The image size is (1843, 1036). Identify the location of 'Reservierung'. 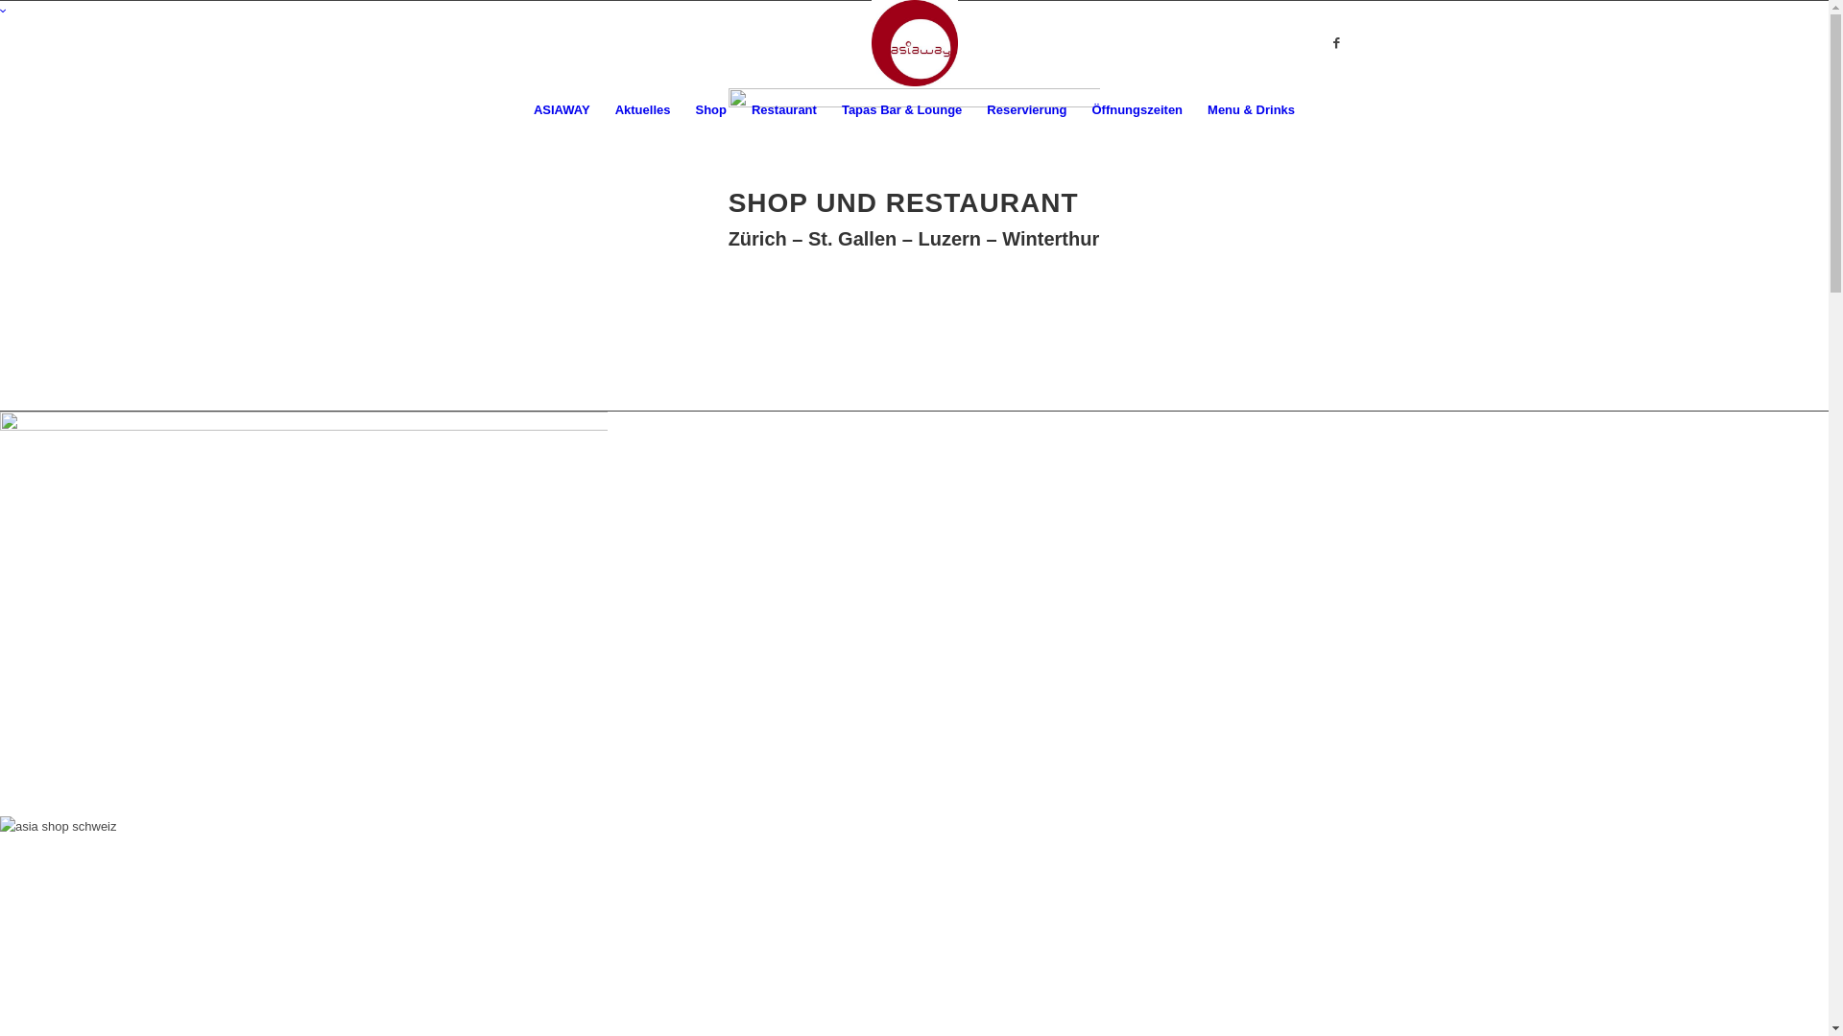
(1025, 110).